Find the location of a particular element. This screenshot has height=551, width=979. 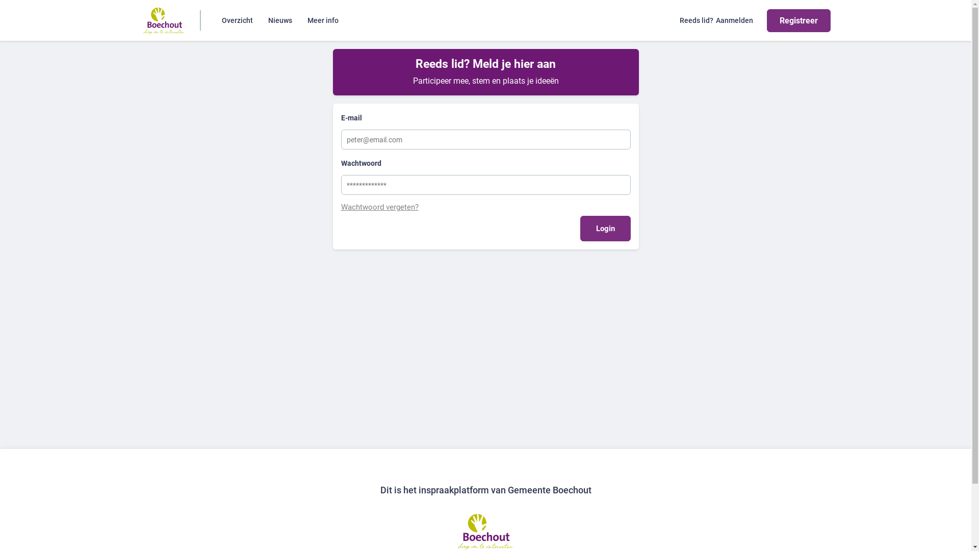

'Reeds lid? is located at coordinates (716, 20).